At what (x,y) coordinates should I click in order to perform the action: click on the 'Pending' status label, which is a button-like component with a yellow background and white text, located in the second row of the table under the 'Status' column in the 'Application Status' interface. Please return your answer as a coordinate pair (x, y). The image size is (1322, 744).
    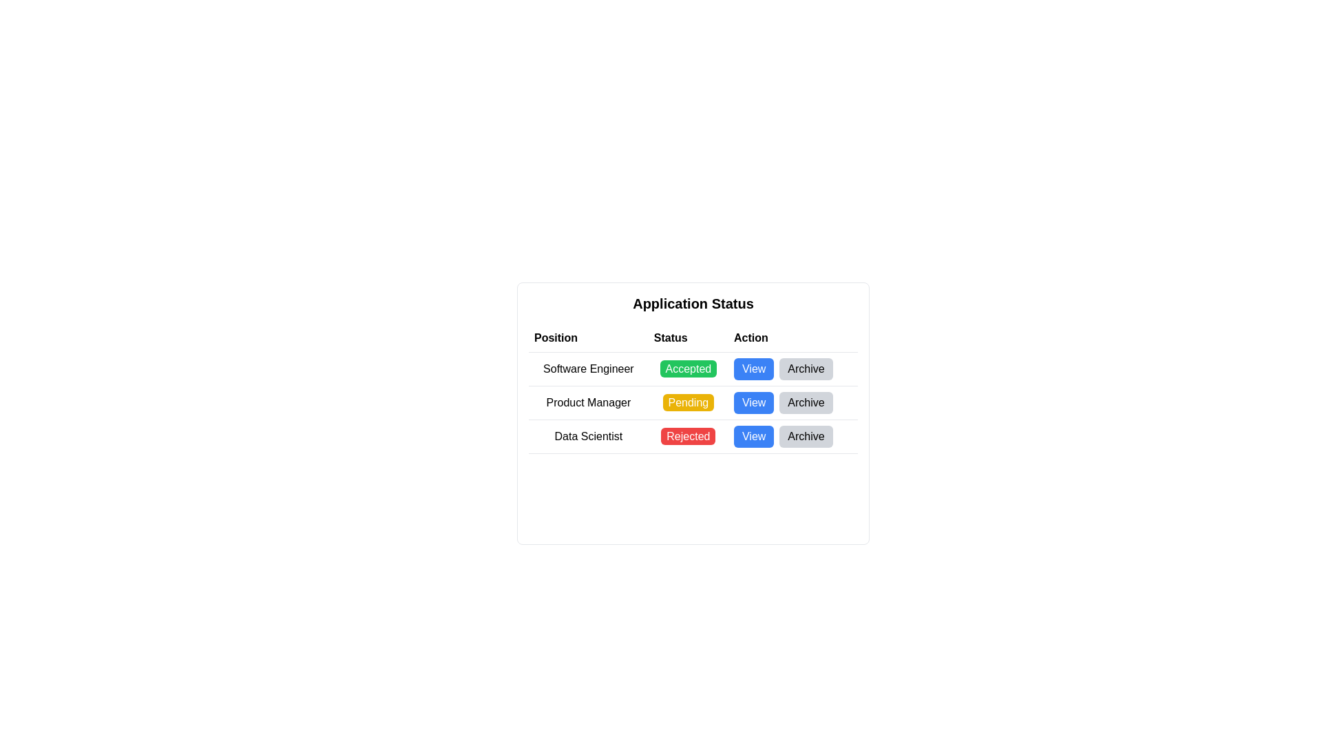
    Looking at the image, I should click on (688, 403).